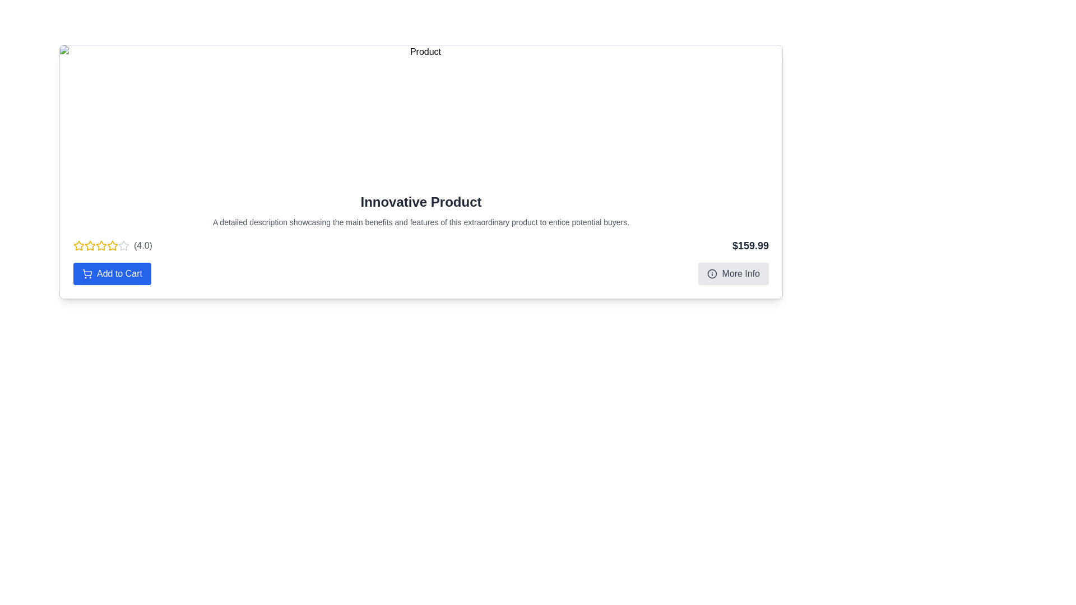 The height and width of the screenshot is (605, 1076). Describe the element at coordinates (142, 245) in the screenshot. I see `numerical rating value displayed on the Text Label located to the right of the yellow stars in the bottom-left section of the interface` at that location.